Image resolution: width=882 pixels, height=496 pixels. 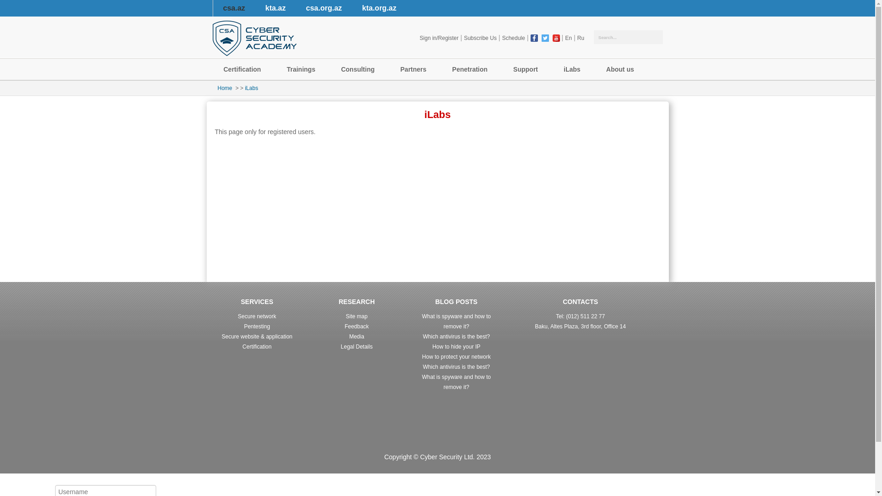 What do you see at coordinates (456, 347) in the screenshot?
I see `'How to hide your IP'` at bounding box center [456, 347].